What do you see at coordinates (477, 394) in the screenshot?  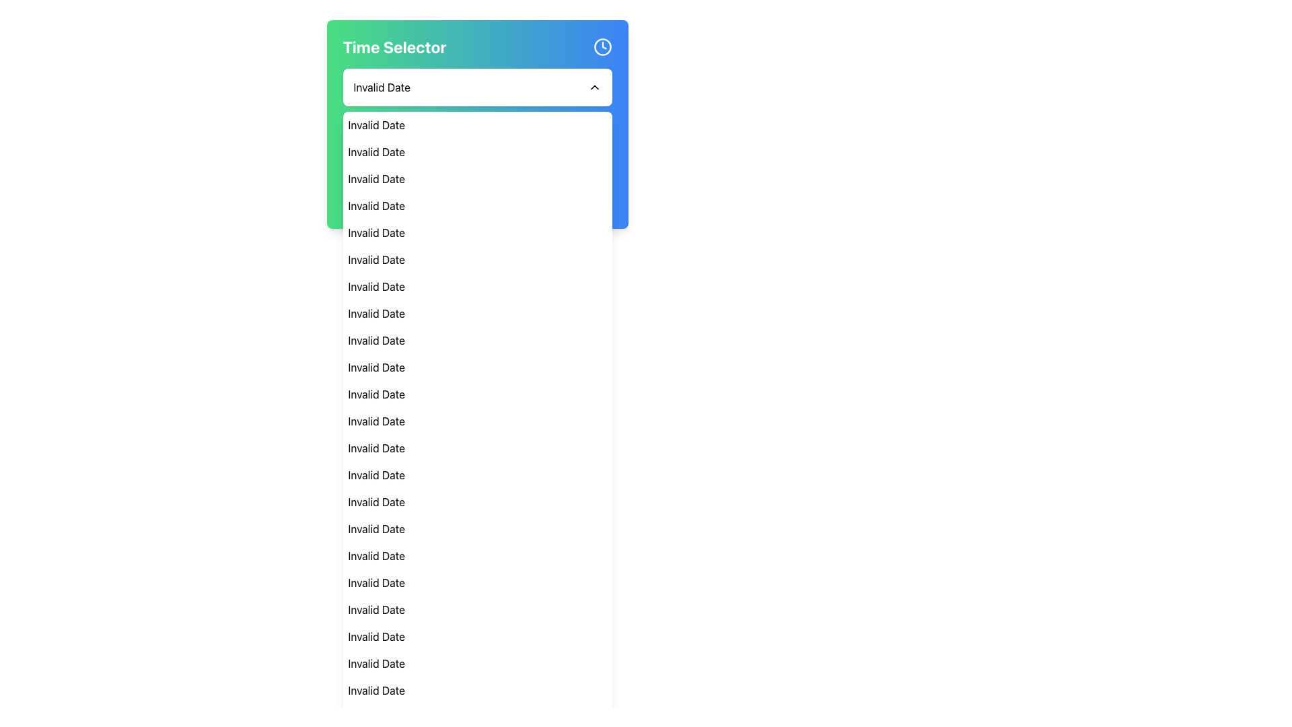 I see `the dropdown menu item labeled 'Invalid Date', which is the eleventh item in the list, to trigger the hover effect` at bounding box center [477, 394].